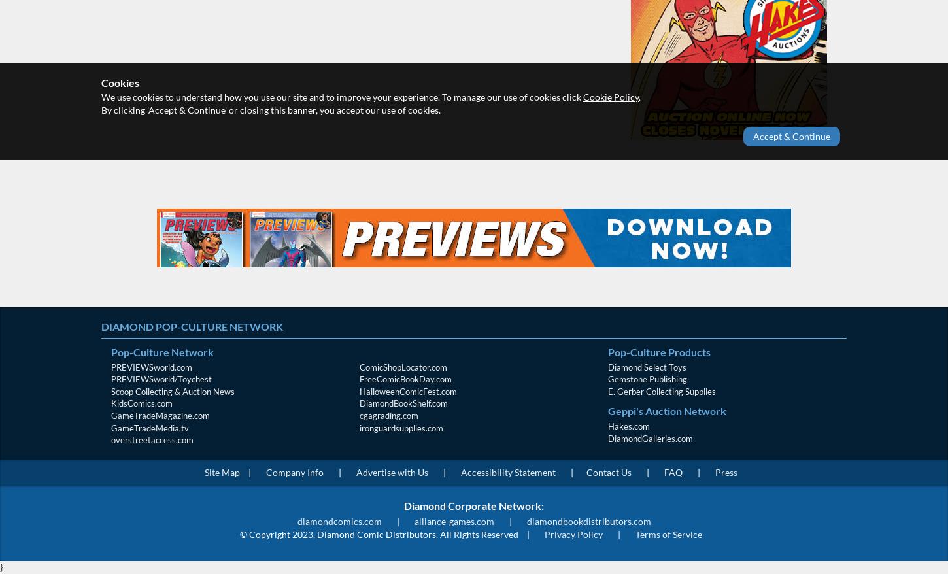 The height and width of the screenshot is (574, 948). What do you see at coordinates (452, 520) in the screenshot?
I see `'alliance-games.com'` at bounding box center [452, 520].